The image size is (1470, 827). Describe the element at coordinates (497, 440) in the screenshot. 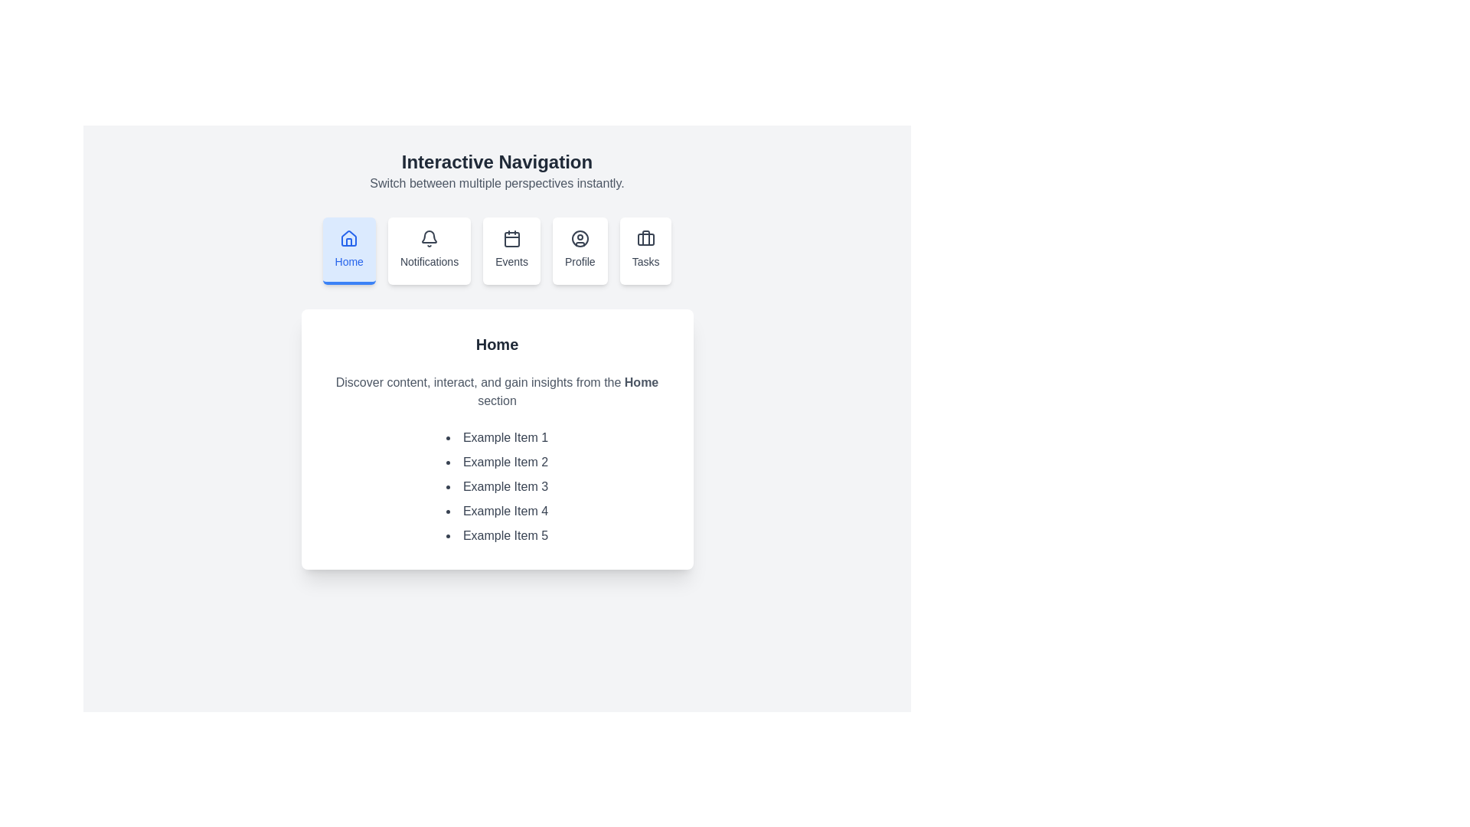

I see `the interactive parts of the Content Section, which includes the heading 'Home' and the items labeled 'Example Item 1' to 'Example Item 5'` at that location.